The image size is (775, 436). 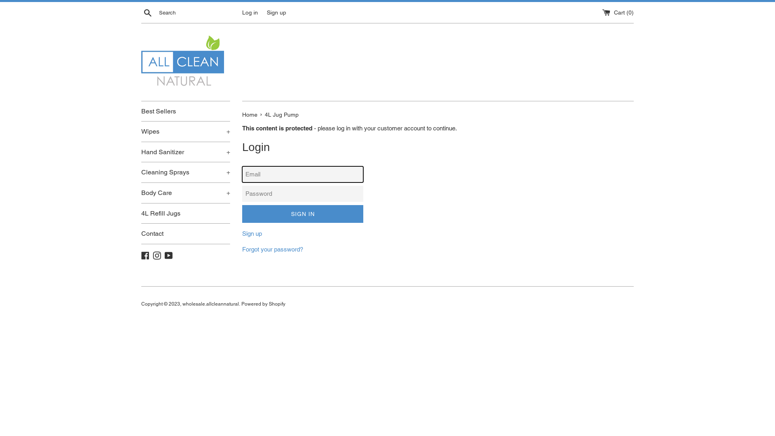 What do you see at coordinates (164, 255) in the screenshot?
I see `'YouTube'` at bounding box center [164, 255].